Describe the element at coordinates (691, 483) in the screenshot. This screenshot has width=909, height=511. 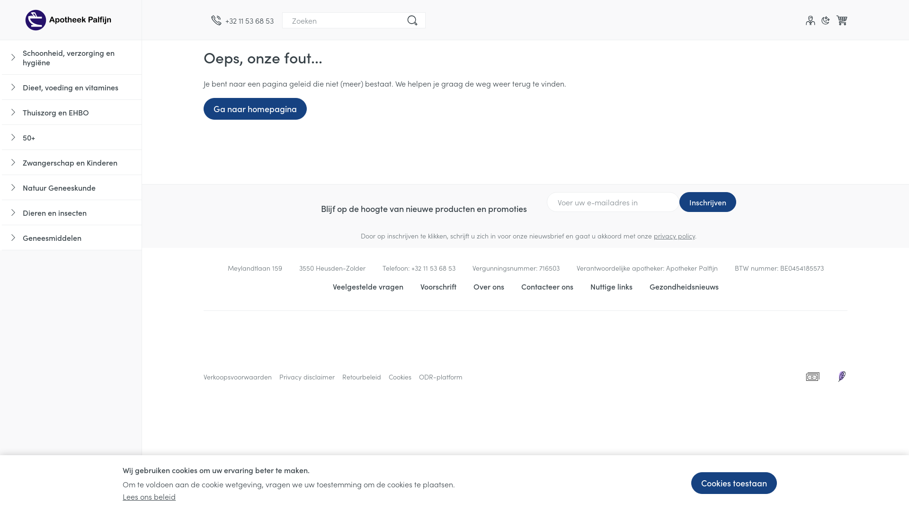
I see `'Cookies toestaan'` at that location.